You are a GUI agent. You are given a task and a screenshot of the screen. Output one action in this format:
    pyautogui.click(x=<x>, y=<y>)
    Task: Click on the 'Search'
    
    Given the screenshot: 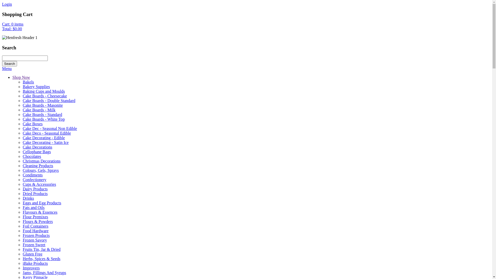 What is the action you would take?
    pyautogui.click(x=10, y=63)
    